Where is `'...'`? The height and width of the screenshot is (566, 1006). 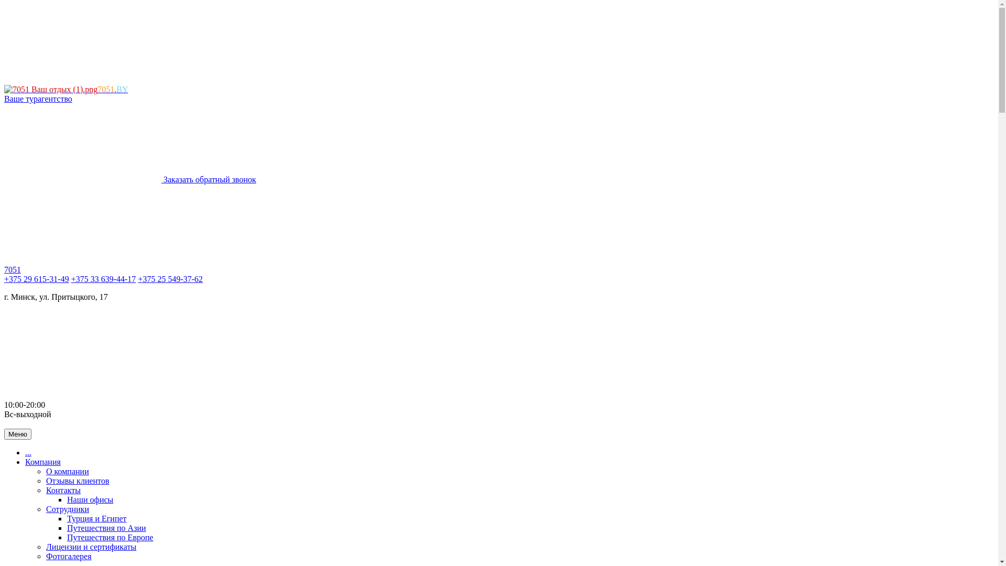
'...' is located at coordinates (28, 452).